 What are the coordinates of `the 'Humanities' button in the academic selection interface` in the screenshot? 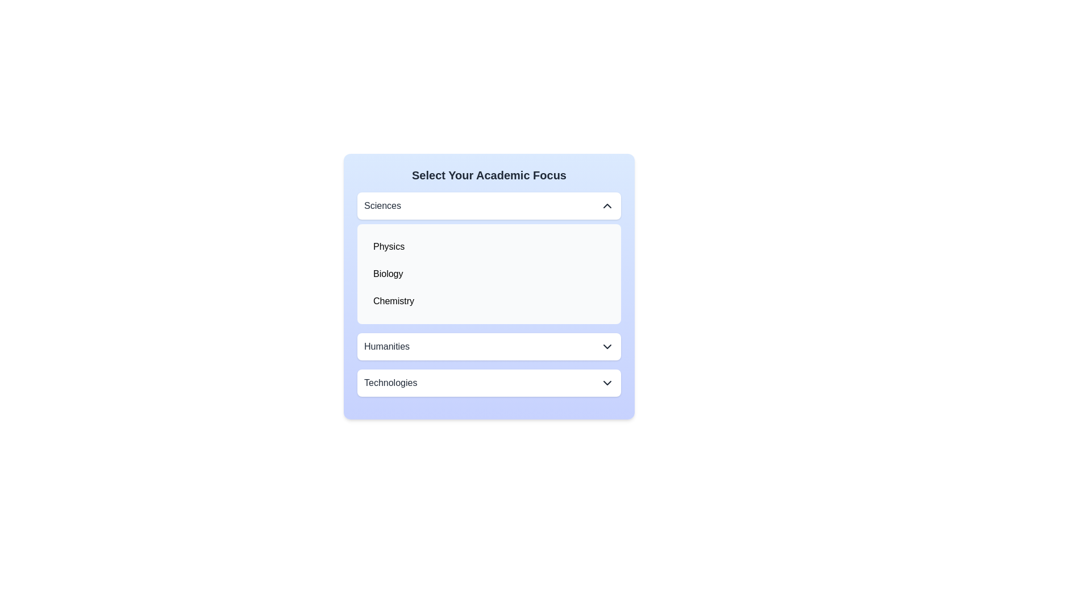 It's located at (489, 346).